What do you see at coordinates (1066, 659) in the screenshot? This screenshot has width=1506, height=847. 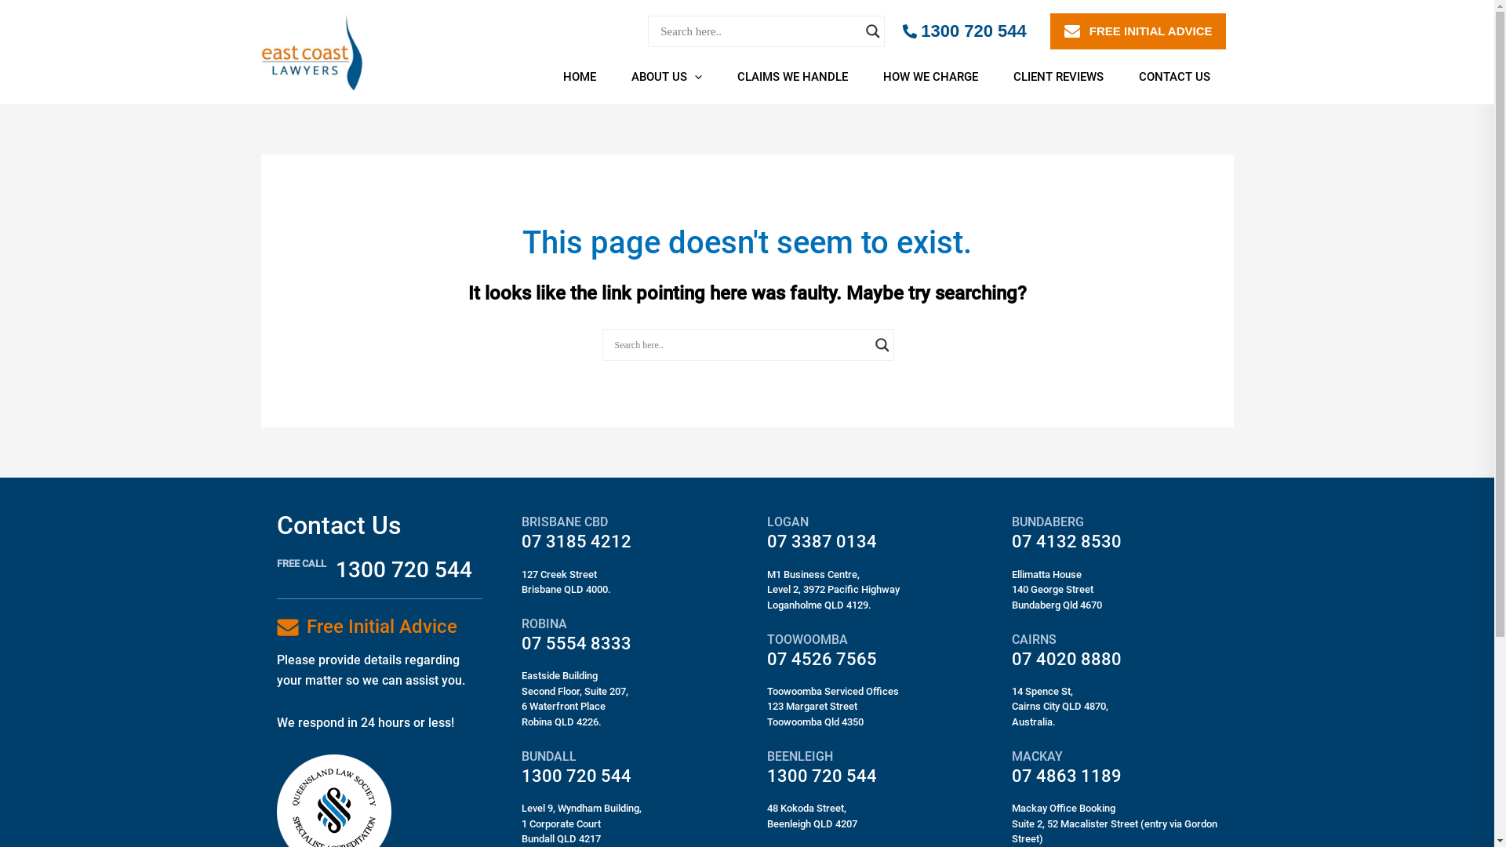 I see `'07 4020 8880'` at bounding box center [1066, 659].